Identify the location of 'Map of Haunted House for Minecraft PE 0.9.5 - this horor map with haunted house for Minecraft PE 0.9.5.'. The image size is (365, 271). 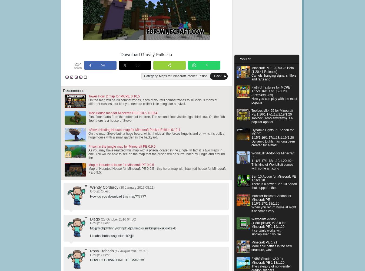
(157, 170).